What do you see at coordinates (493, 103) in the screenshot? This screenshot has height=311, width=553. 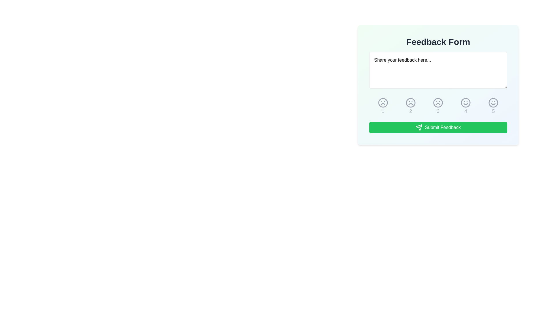 I see `the happiest emotion rating icon, which is the fifth icon in a horizontal sequence of five emotion-rating icons above the number '5'` at bounding box center [493, 103].